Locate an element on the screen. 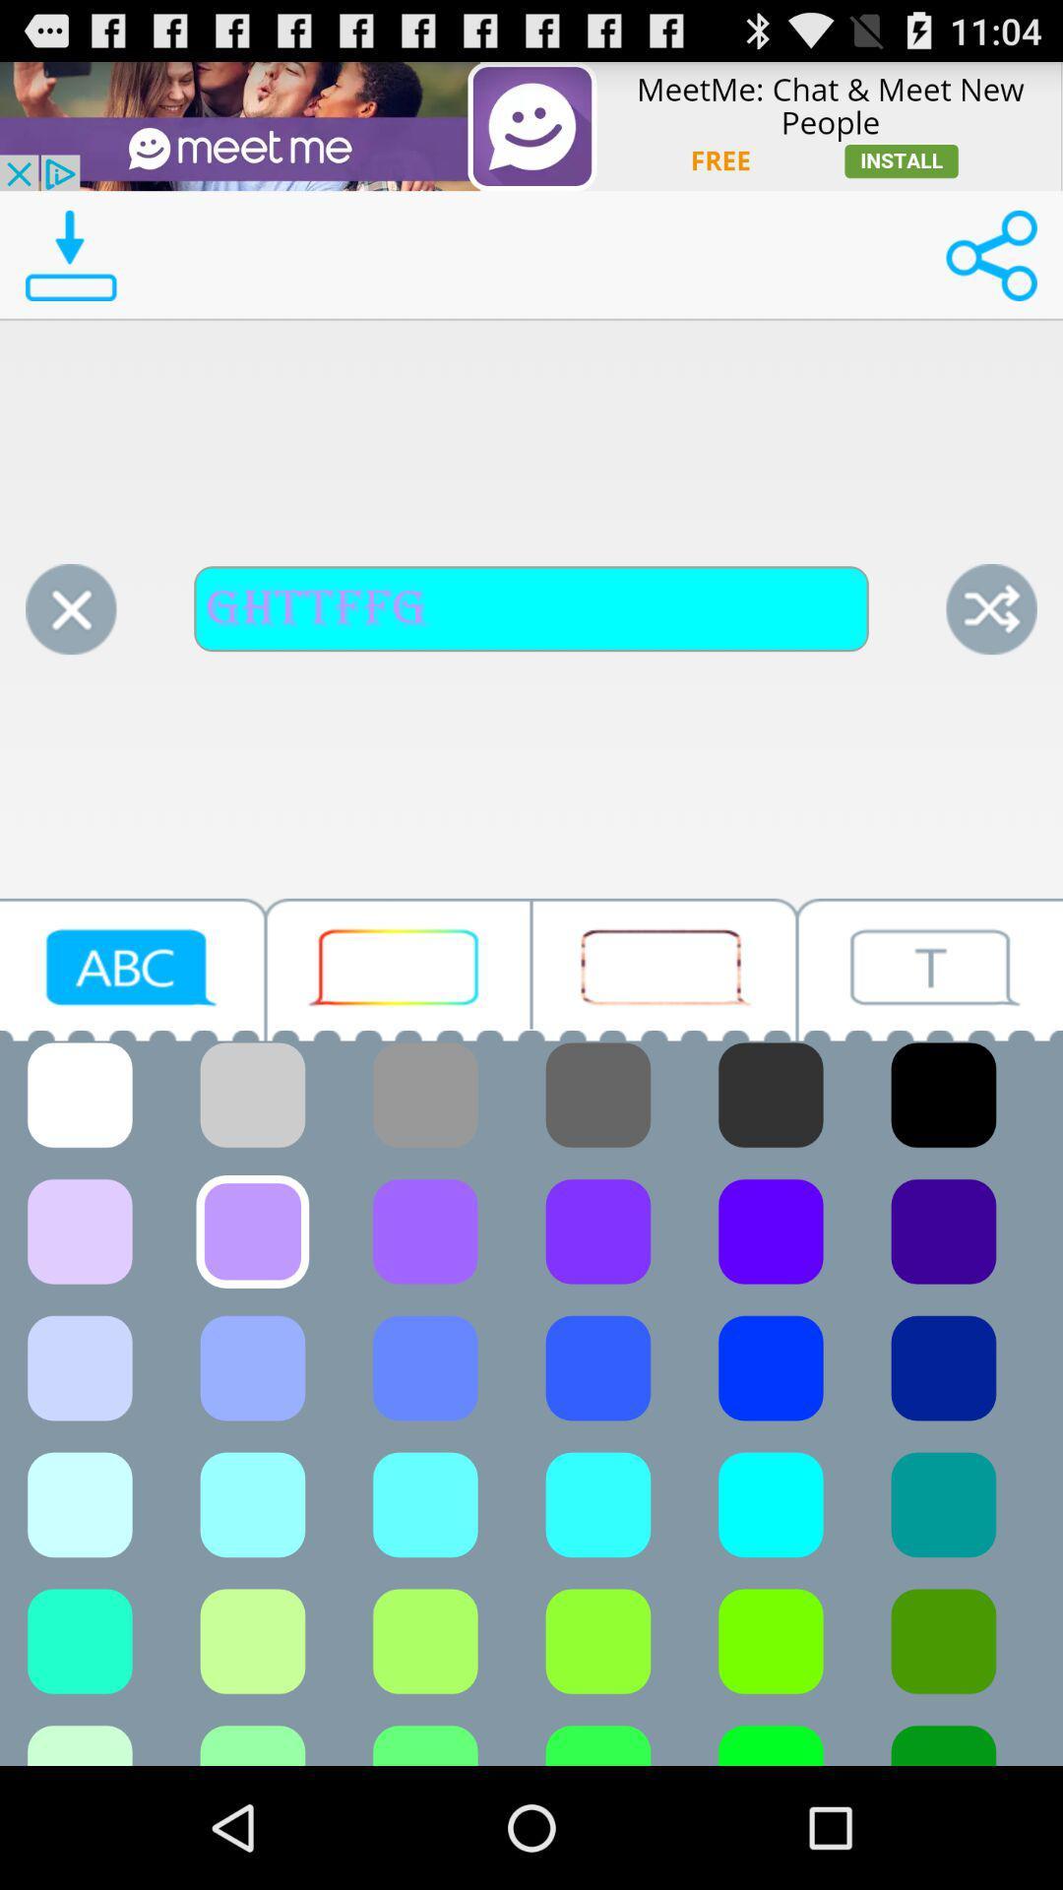 This screenshot has height=1890, width=1063. click on close option is located at coordinates (70, 608).